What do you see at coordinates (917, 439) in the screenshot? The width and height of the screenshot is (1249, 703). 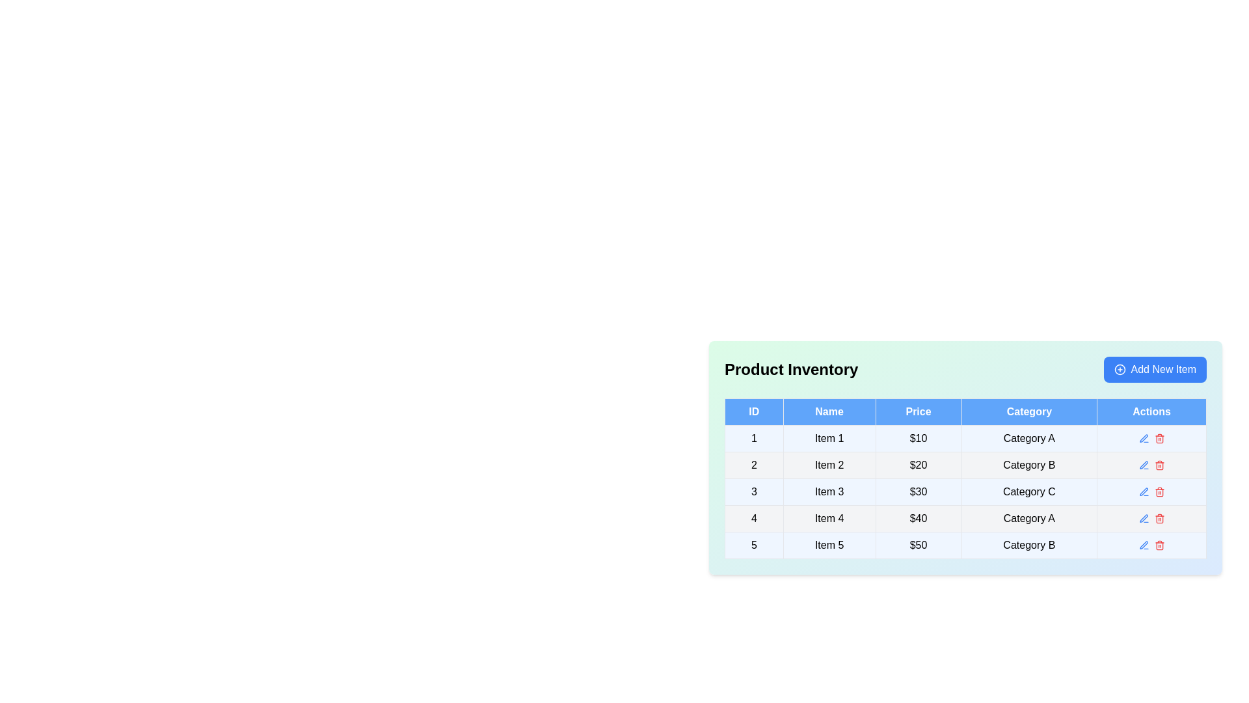 I see `the price information text label of the first listed item in the table located in the 'Price' column of the first row` at bounding box center [917, 439].